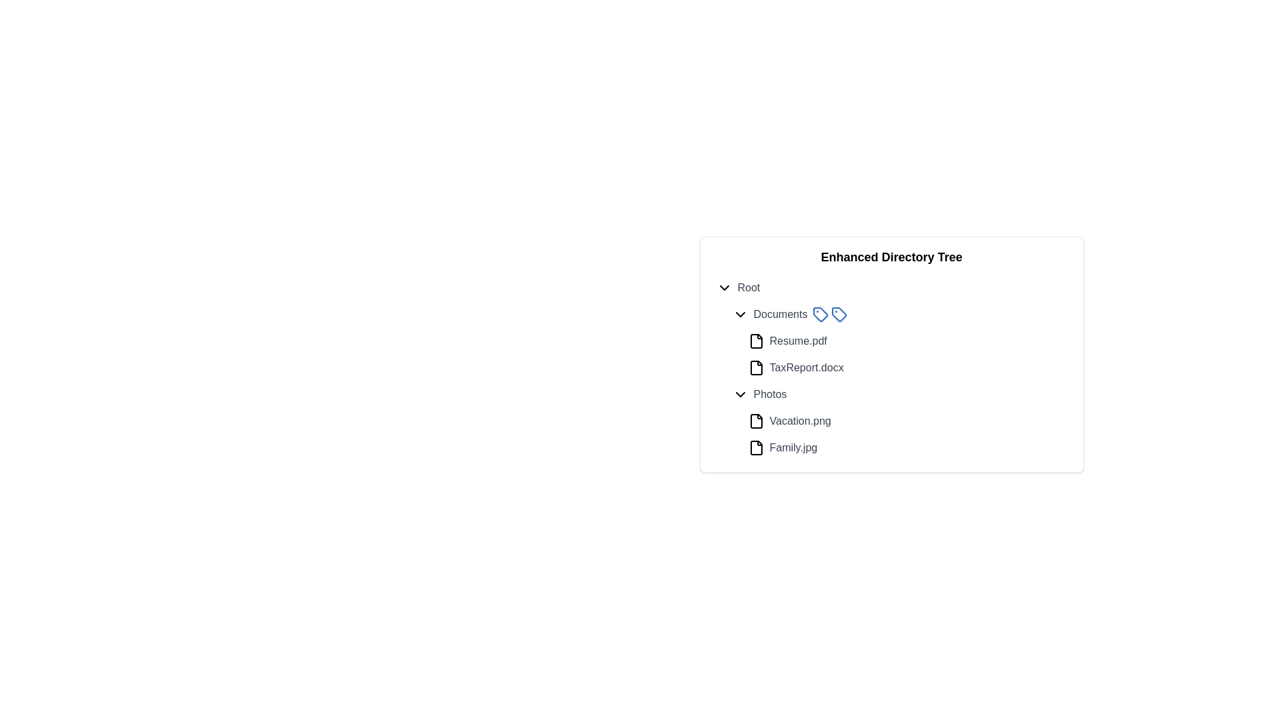 This screenshot has height=720, width=1281. What do you see at coordinates (838, 314) in the screenshot?
I see `the first icon in the group associated with the 'Documents' section, located next to the 'Documents' label, for interaction` at bounding box center [838, 314].